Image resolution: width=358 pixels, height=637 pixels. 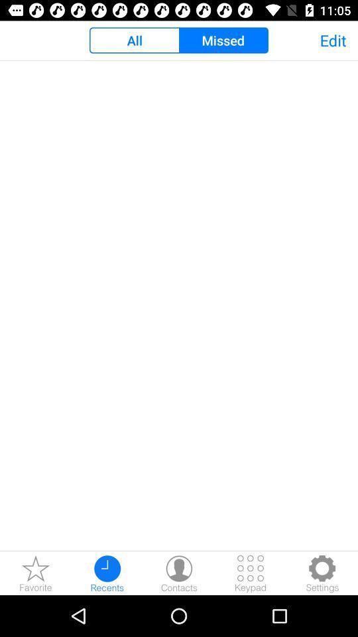 I want to click on the avatar icon, so click(x=179, y=573).